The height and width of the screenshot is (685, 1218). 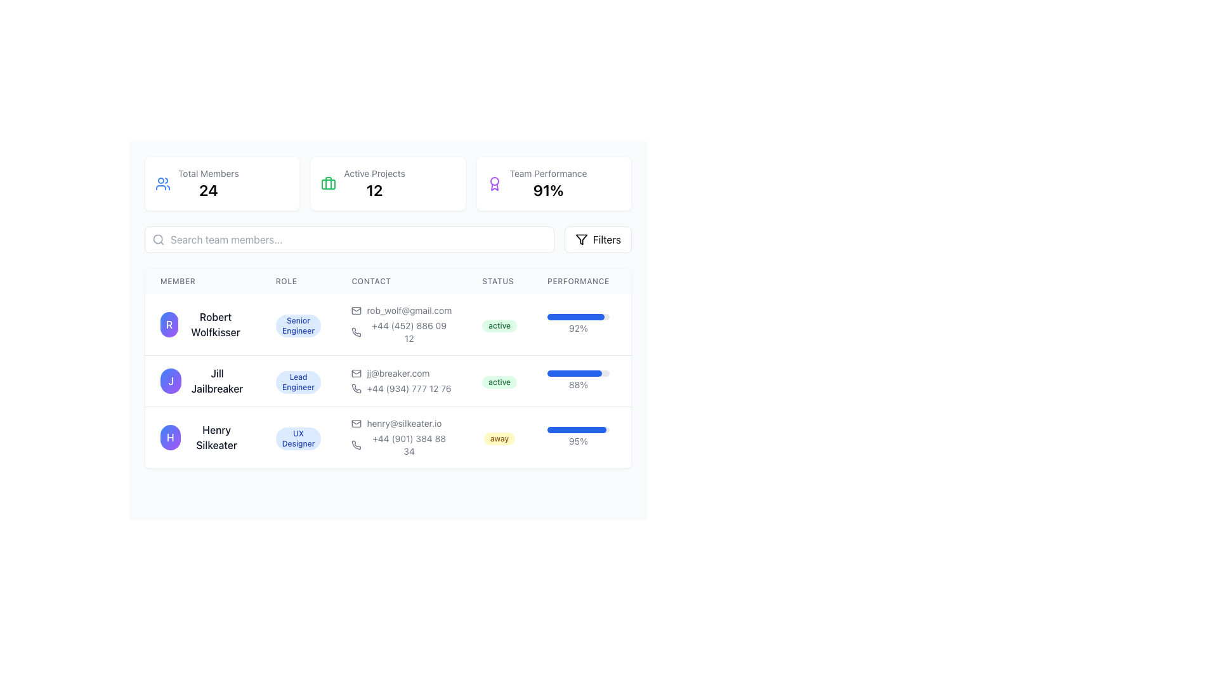 I want to click on the phone icon located in the 'Contact' column of the row for team member 'Henry Silkeater' to initiate a call, so click(x=401, y=437).